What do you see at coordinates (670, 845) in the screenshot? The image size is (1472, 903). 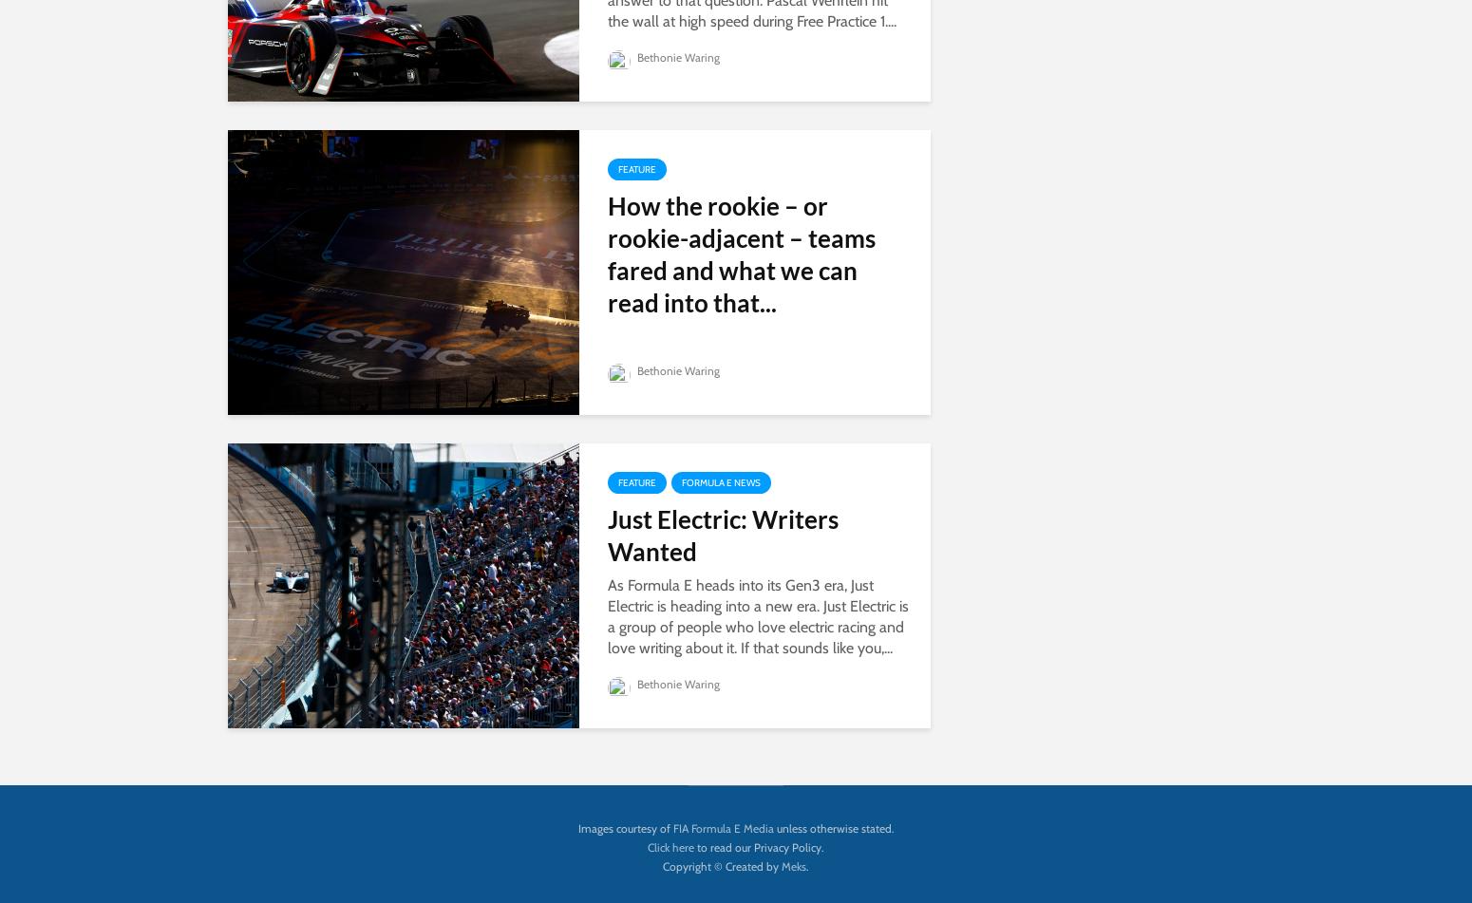 I see `'Click here'` at bounding box center [670, 845].